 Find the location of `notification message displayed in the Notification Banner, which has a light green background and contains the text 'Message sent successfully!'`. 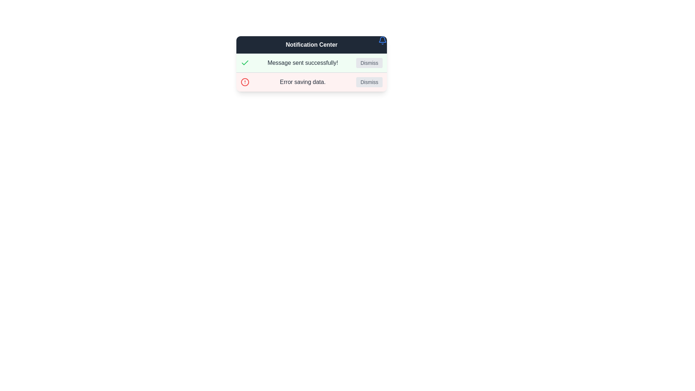

notification message displayed in the Notification Banner, which has a light green background and contains the text 'Message sent successfully!' is located at coordinates (311, 62).